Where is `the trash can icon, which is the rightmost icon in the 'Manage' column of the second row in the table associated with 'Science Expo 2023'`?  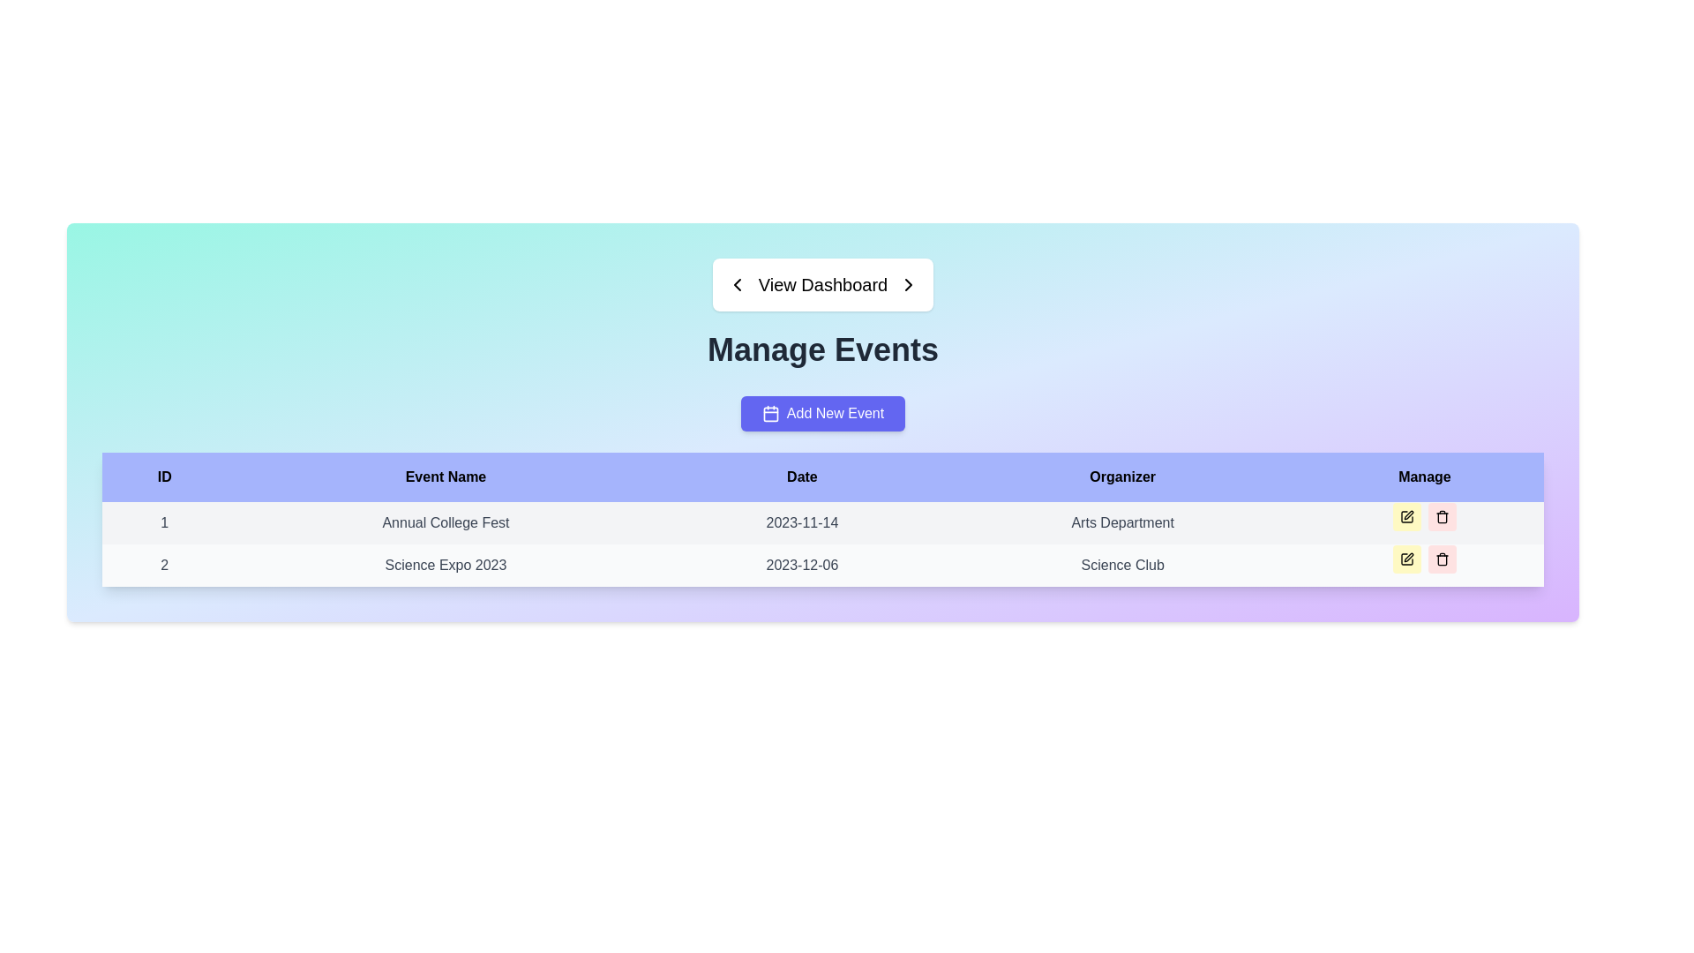
the trash can icon, which is the rightmost icon in the 'Manage' column of the second row in the table associated with 'Science Expo 2023' is located at coordinates (1442, 559).